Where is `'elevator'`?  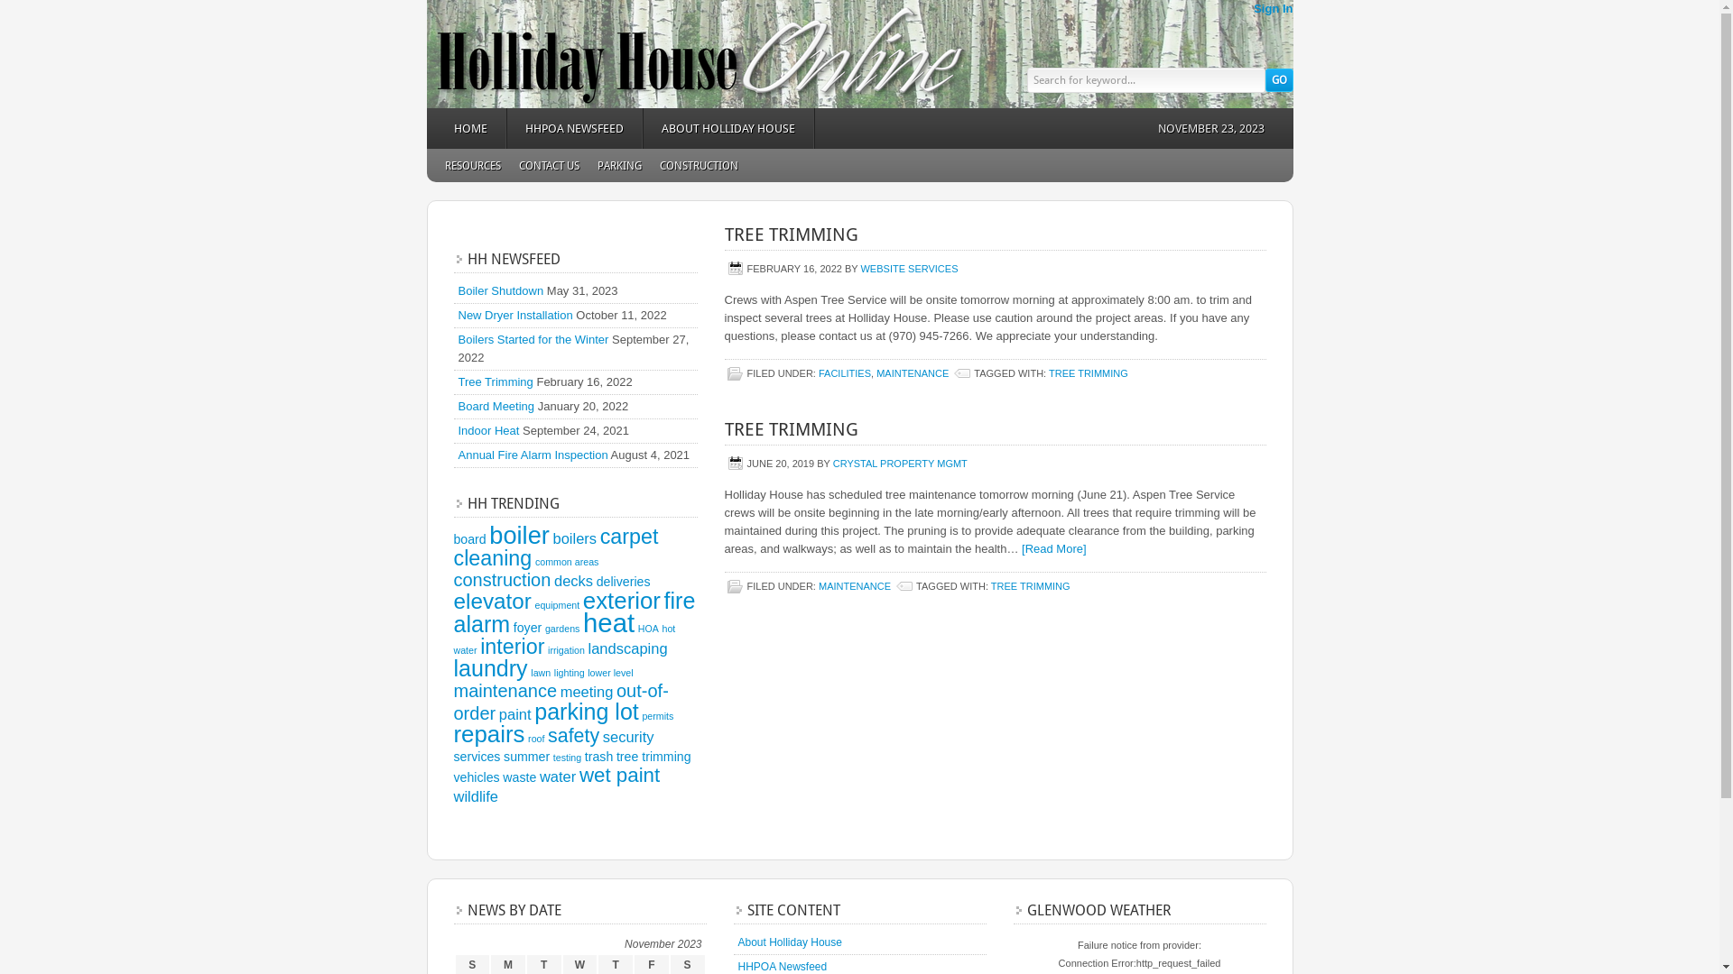 'elevator' is located at coordinates (492, 601).